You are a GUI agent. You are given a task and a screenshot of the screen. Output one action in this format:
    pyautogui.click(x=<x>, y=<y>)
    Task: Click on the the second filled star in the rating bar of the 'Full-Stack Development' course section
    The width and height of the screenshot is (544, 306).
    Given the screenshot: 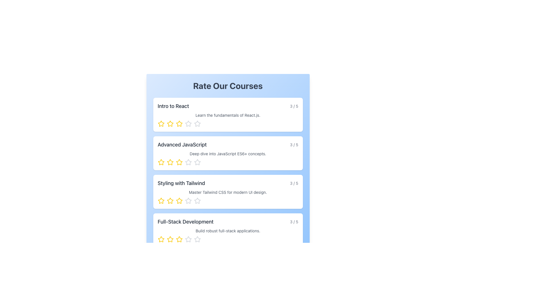 What is the action you would take?
    pyautogui.click(x=170, y=239)
    